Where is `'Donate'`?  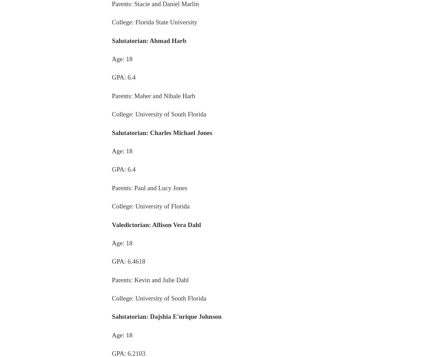 'Donate' is located at coordinates (84, 310).